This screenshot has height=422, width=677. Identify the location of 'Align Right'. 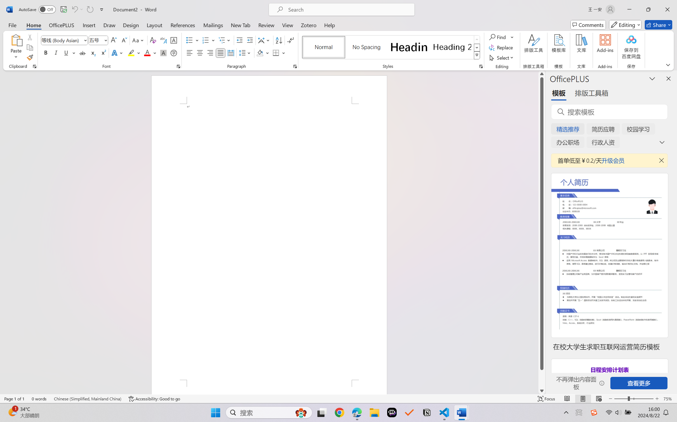
(210, 52).